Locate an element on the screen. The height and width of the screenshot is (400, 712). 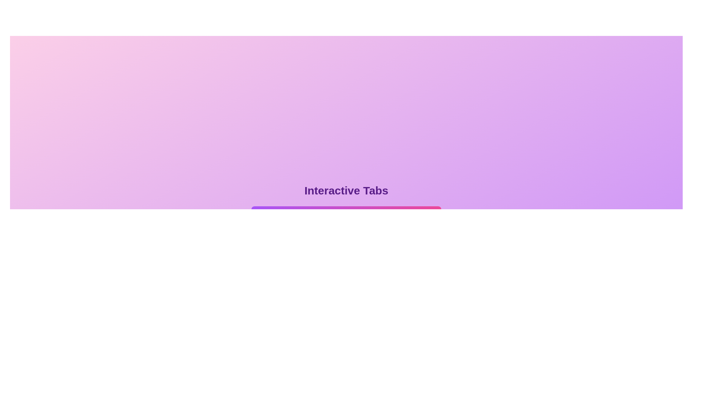
the book icon SVG graphic, centrally positioned below the 'Interactive Tabs' header, to inspect its details is located at coordinates (274, 217).